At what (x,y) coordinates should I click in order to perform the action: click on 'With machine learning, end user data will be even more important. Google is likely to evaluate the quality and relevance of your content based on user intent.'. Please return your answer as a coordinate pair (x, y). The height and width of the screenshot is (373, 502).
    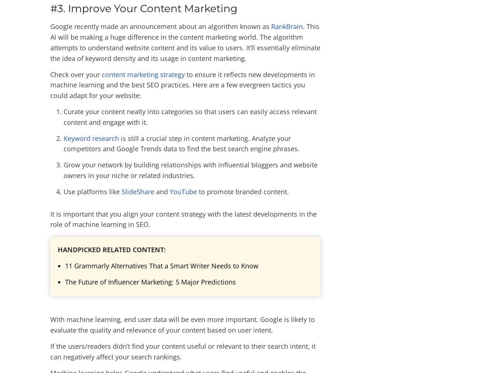
    Looking at the image, I should click on (50, 325).